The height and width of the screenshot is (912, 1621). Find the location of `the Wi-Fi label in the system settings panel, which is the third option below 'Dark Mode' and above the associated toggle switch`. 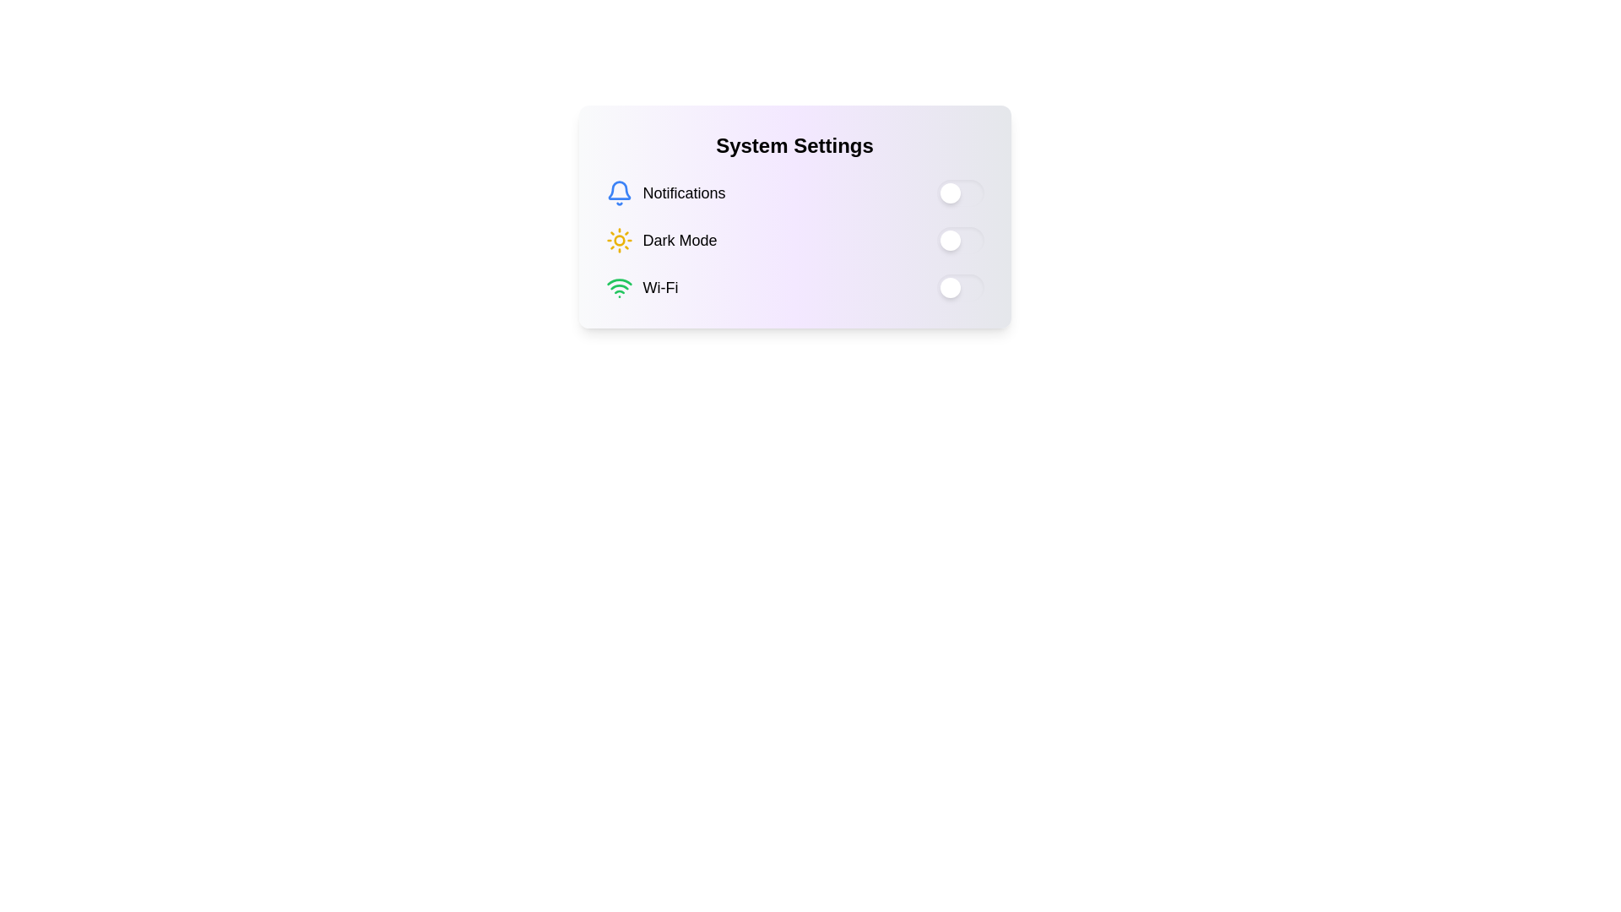

the Wi-Fi label in the system settings panel, which is the third option below 'Dark Mode' and above the associated toggle switch is located at coordinates (641, 286).